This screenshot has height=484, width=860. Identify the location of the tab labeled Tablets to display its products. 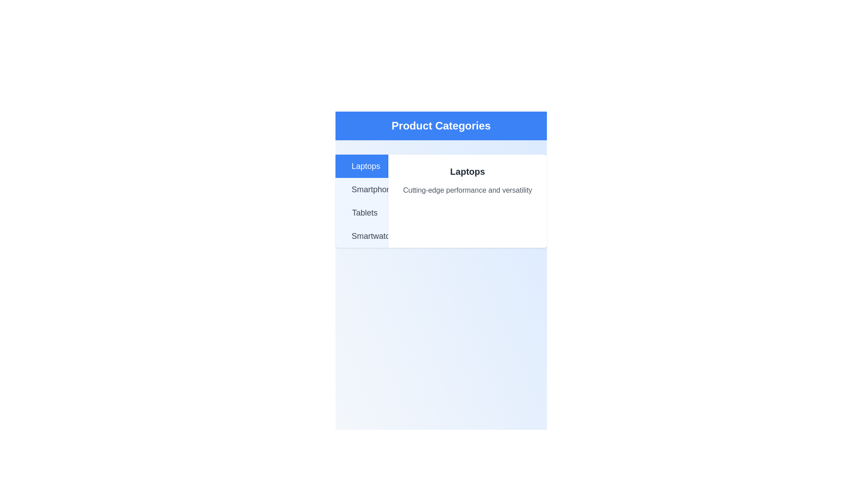
(361, 212).